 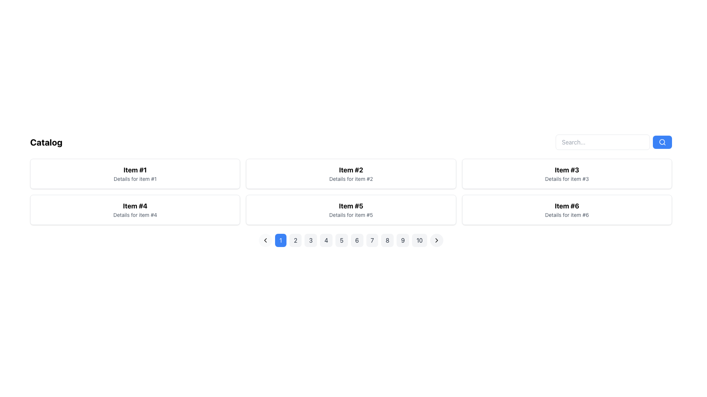 I want to click on the first pagination button located at the bottom center of the layout, so click(x=280, y=240).